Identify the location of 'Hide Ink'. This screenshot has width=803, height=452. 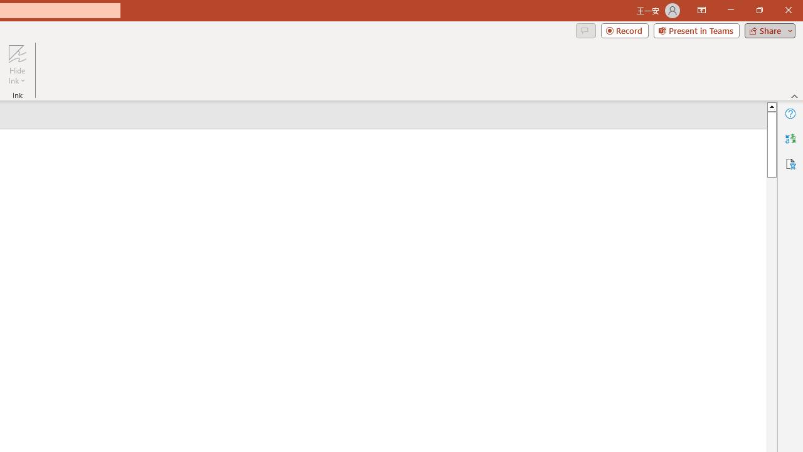
(17, 65).